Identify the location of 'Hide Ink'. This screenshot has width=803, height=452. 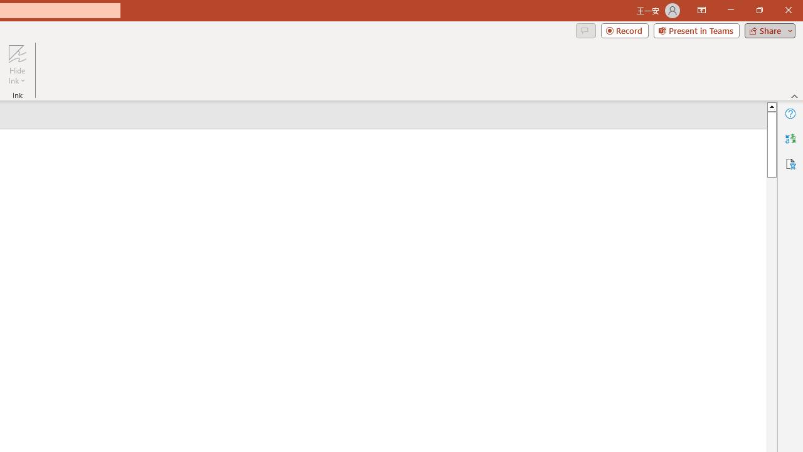
(17, 65).